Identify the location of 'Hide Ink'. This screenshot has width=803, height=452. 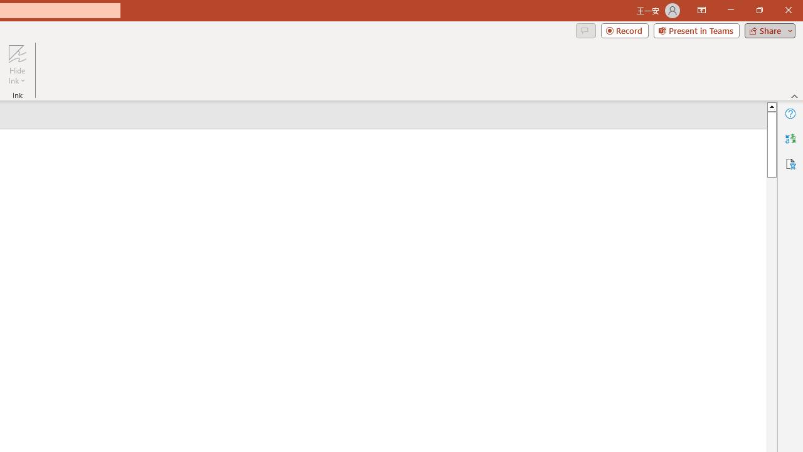
(17, 65).